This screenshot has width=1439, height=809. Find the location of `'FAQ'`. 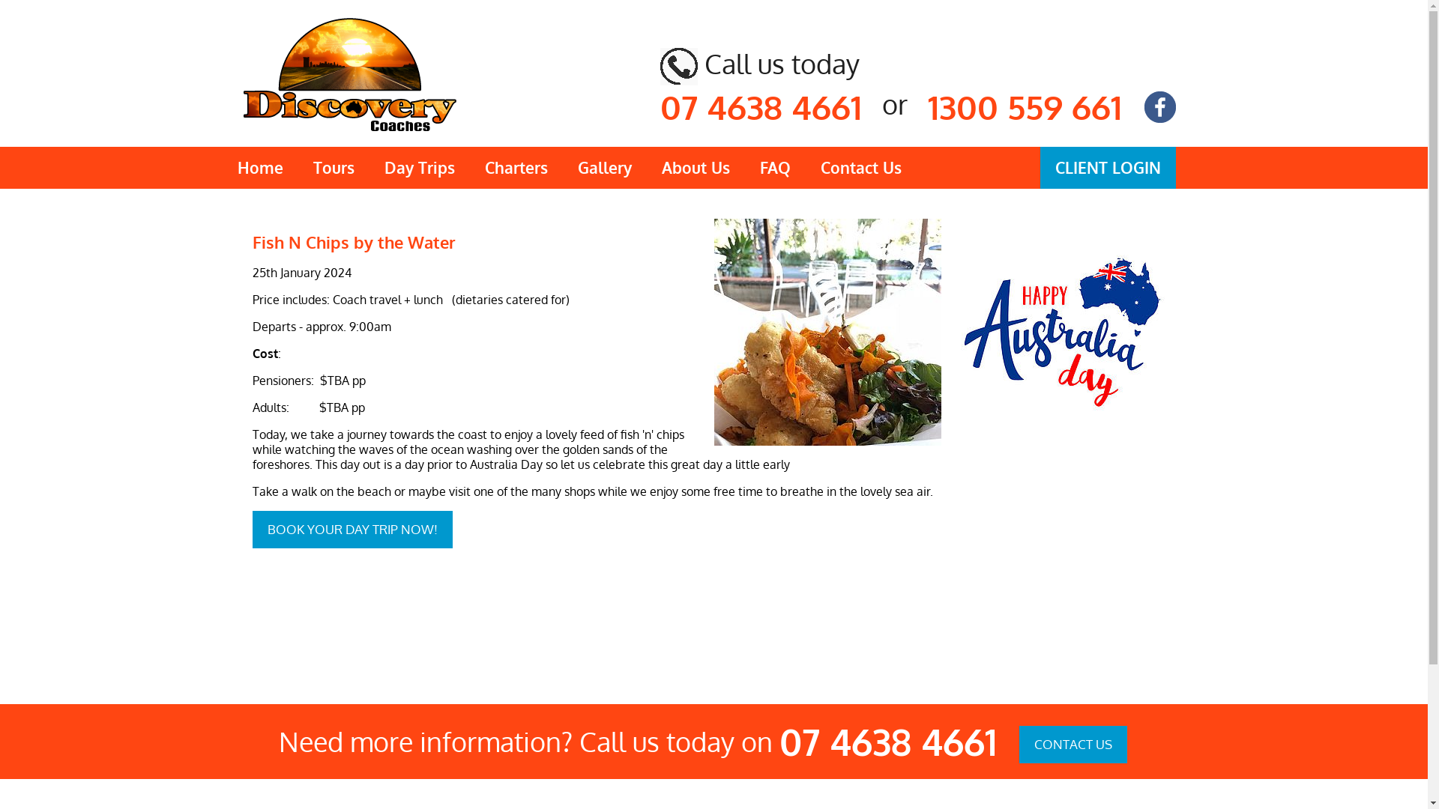

'FAQ' is located at coordinates (775, 167).